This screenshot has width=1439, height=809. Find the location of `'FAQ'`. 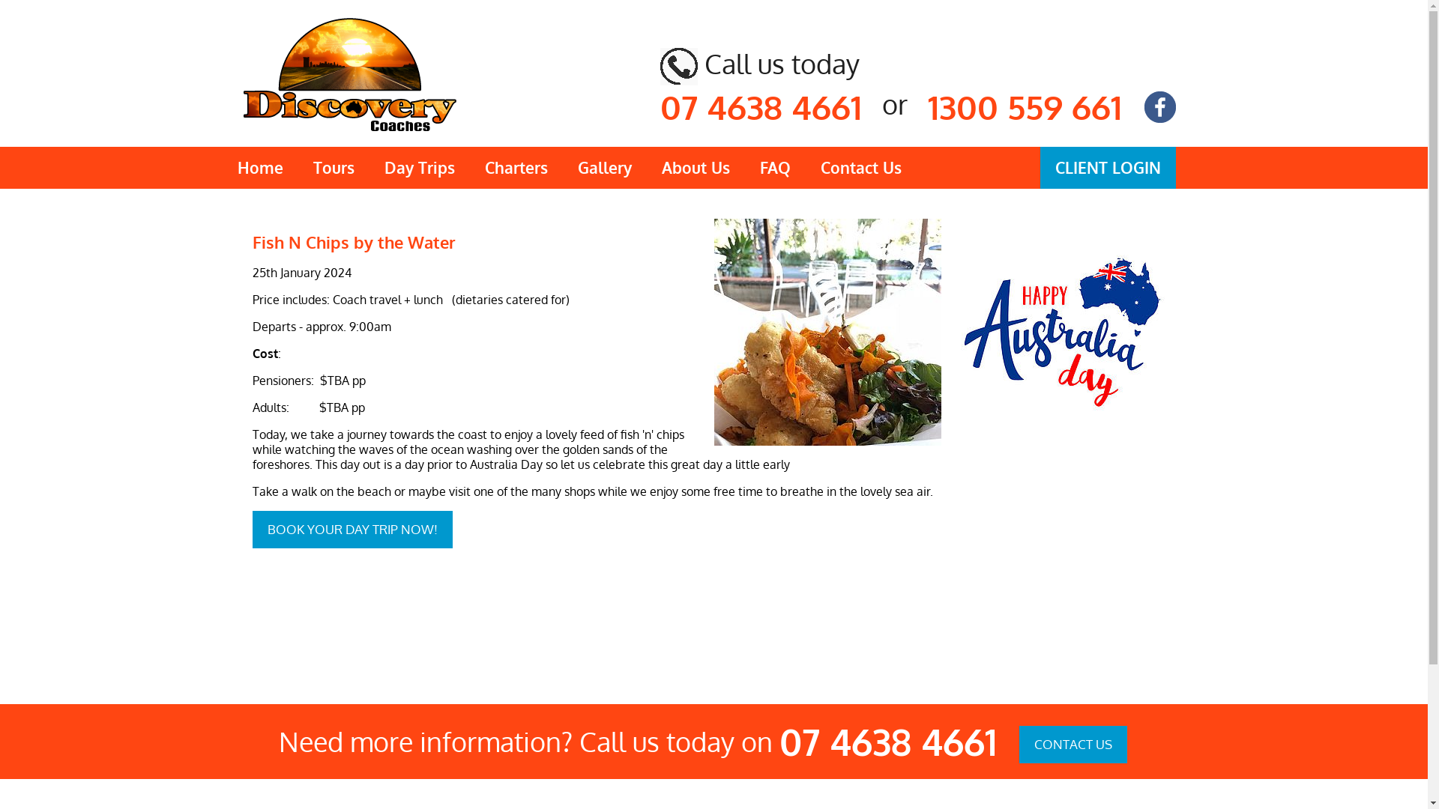

'FAQ' is located at coordinates (775, 167).